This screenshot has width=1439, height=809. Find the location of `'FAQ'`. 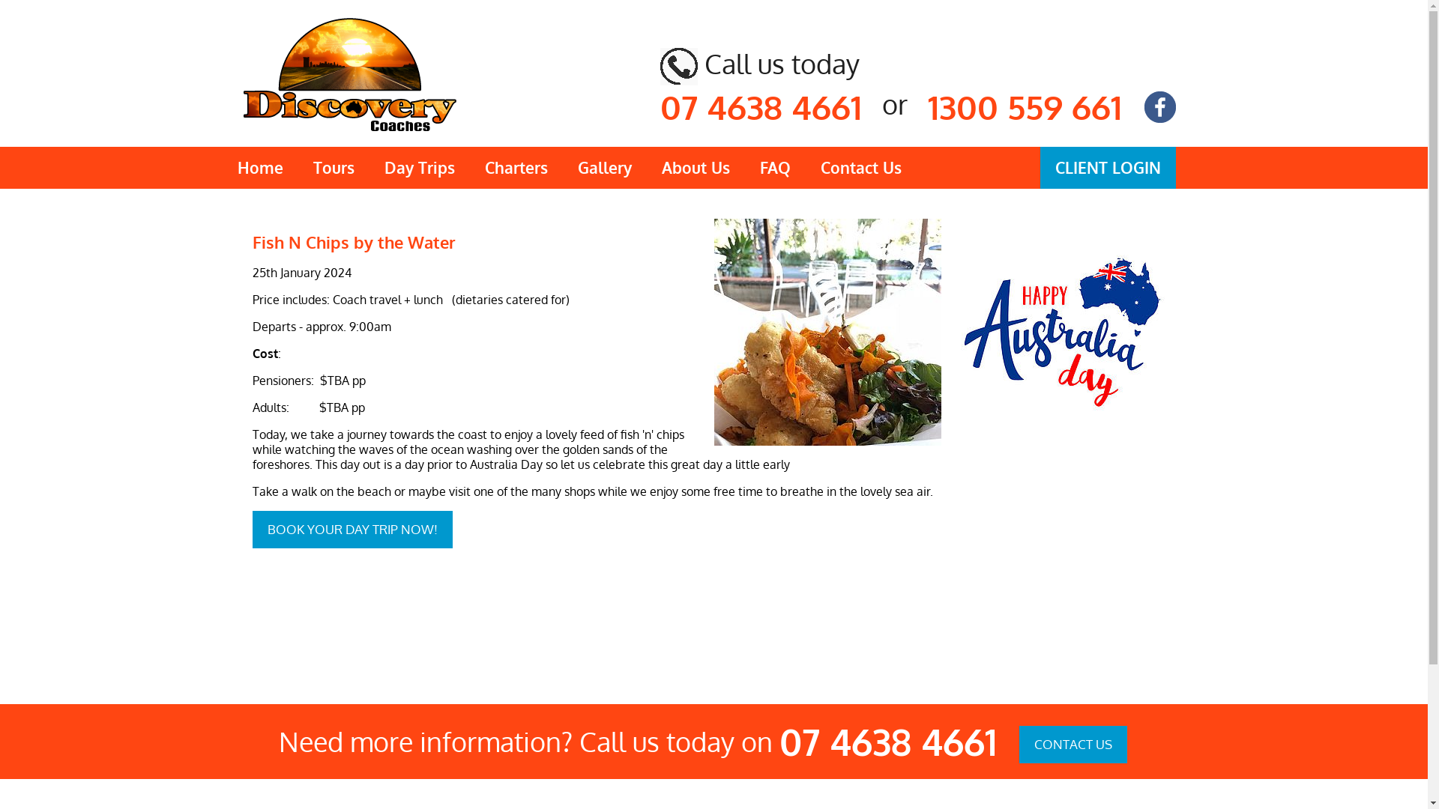

'FAQ' is located at coordinates (775, 167).